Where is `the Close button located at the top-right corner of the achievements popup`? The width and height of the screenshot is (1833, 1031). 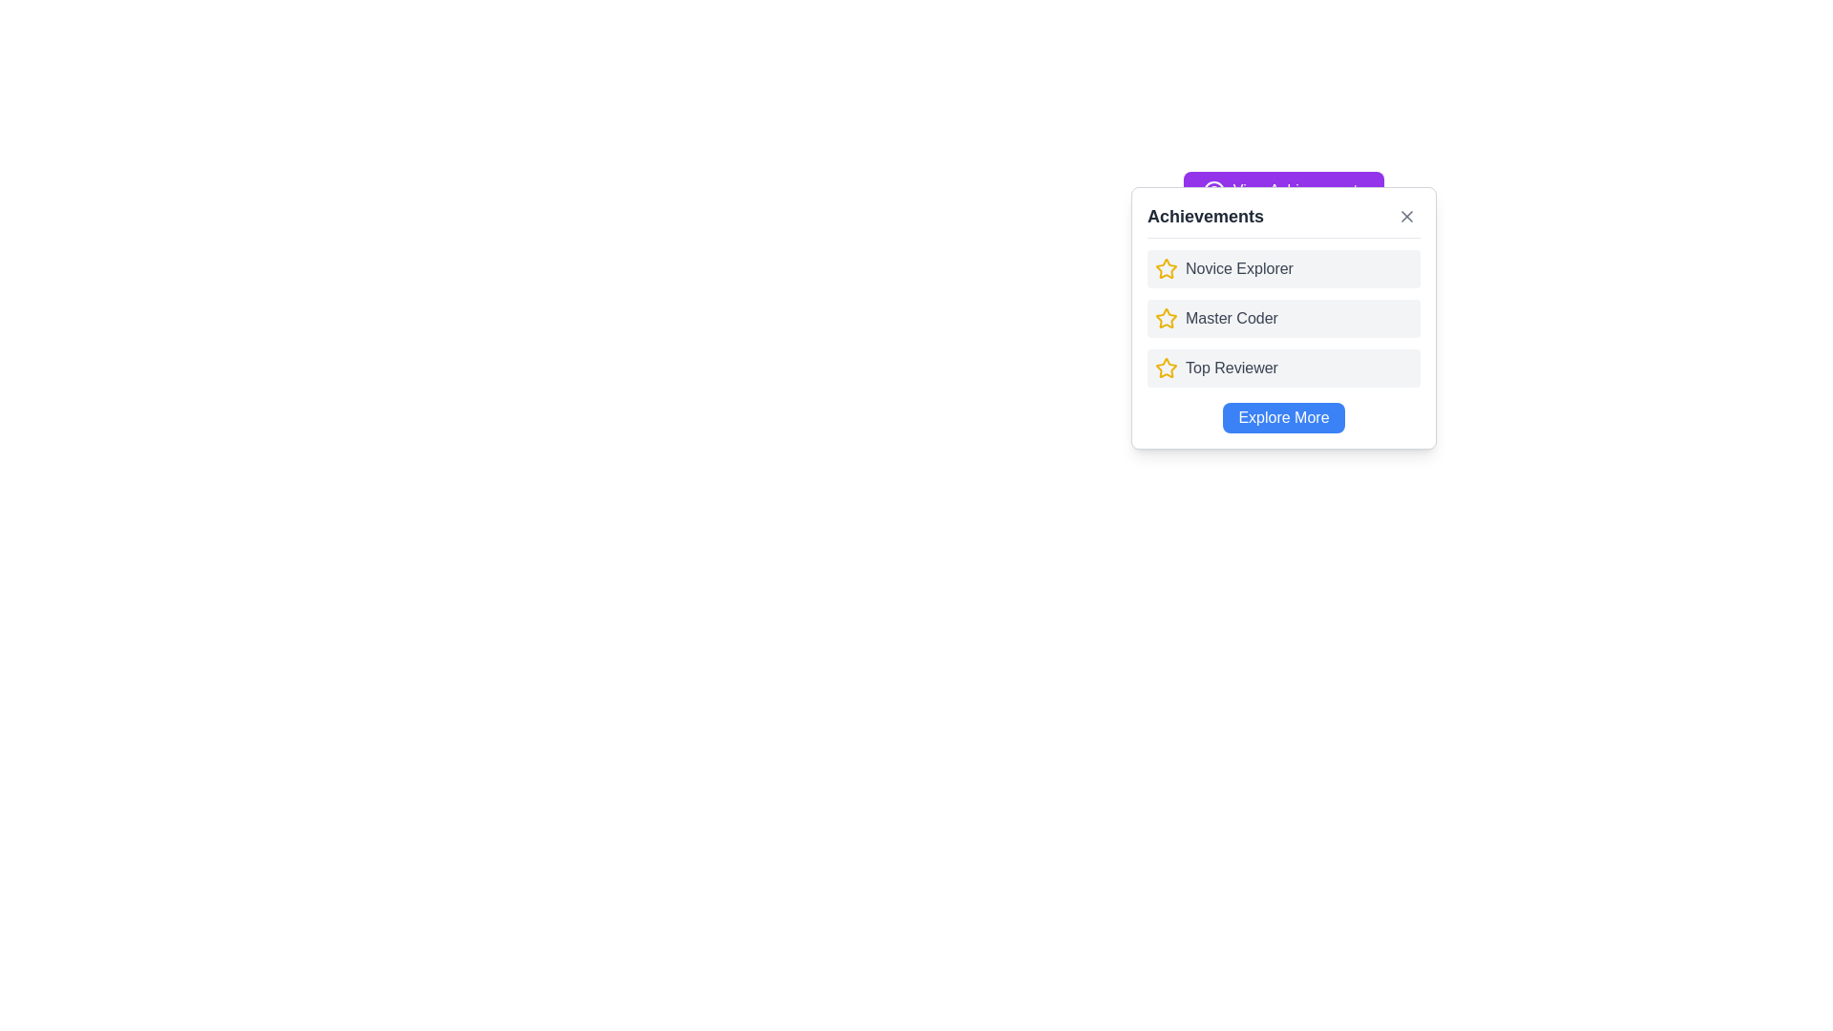 the Close button located at the top-right corner of the achievements popup is located at coordinates (1406, 216).